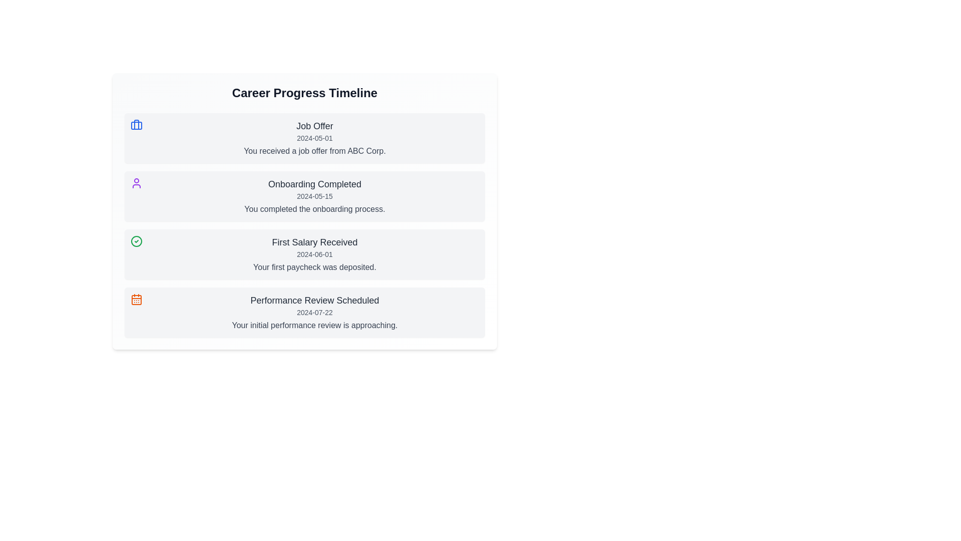 This screenshot has height=541, width=961. Describe the element at coordinates (136, 241) in the screenshot. I see `the circular SVG element with a green outline and white fill that indicates a milestone for 'First Salary Received' in the timeline` at that location.